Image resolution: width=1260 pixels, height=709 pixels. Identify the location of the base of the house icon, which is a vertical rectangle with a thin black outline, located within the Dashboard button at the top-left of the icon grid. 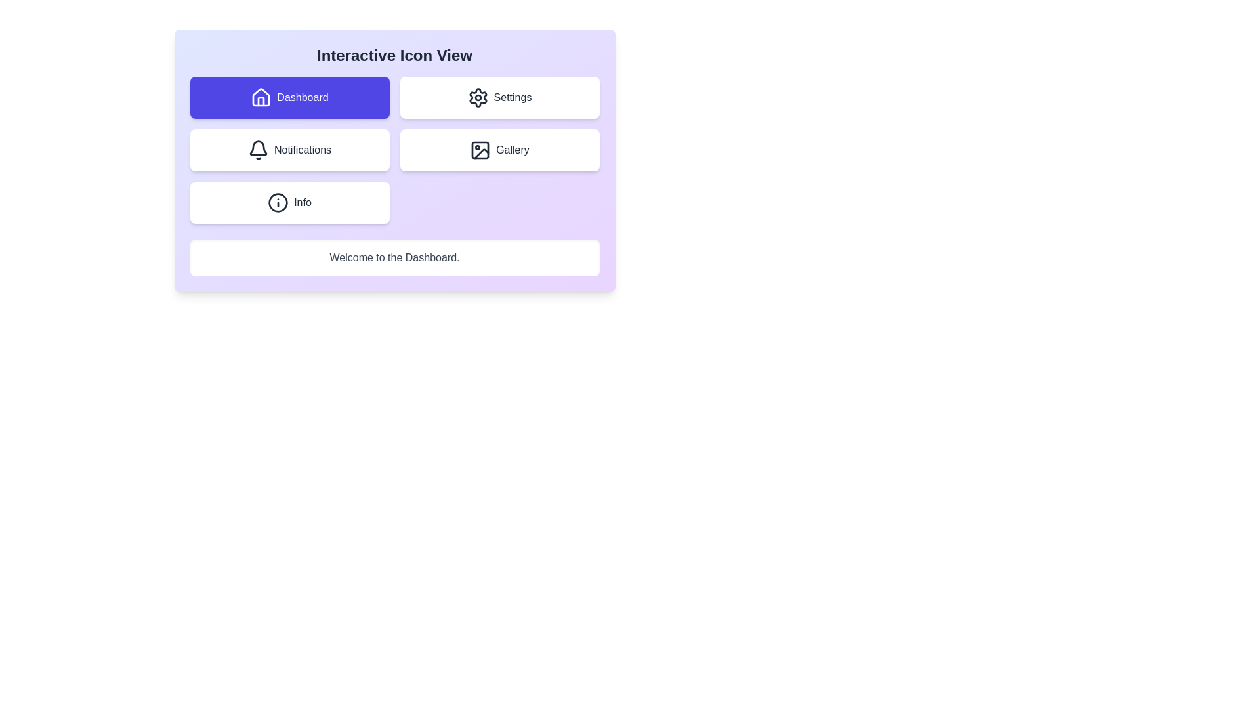
(261, 100).